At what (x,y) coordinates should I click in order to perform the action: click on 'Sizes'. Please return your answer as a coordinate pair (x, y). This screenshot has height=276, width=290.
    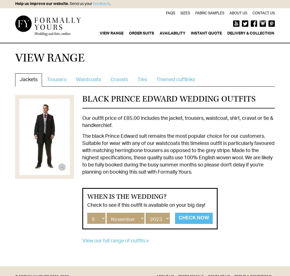
    Looking at the image, I should click on (185, 13).